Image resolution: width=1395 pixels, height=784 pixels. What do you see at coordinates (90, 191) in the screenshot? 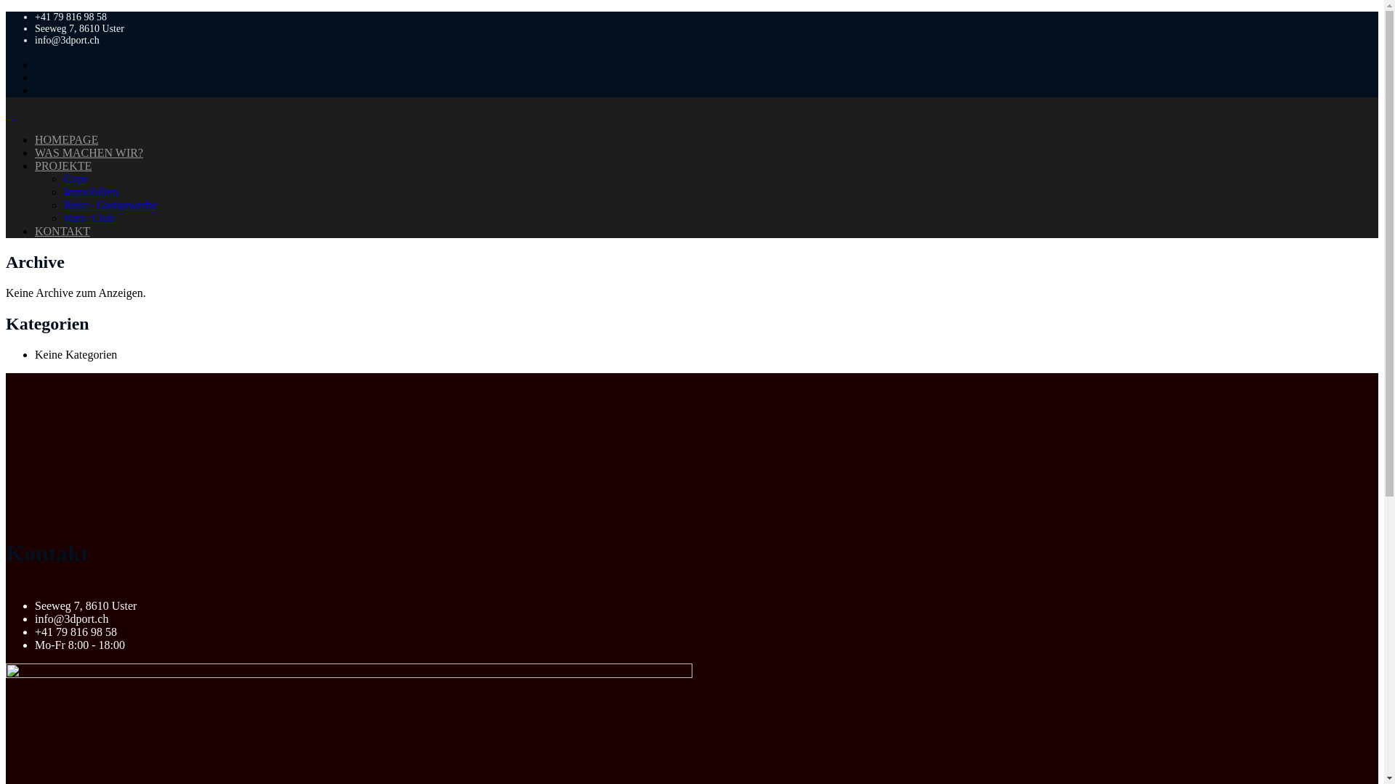
I see `'Immobilien'` at bounding box center [90, 191].